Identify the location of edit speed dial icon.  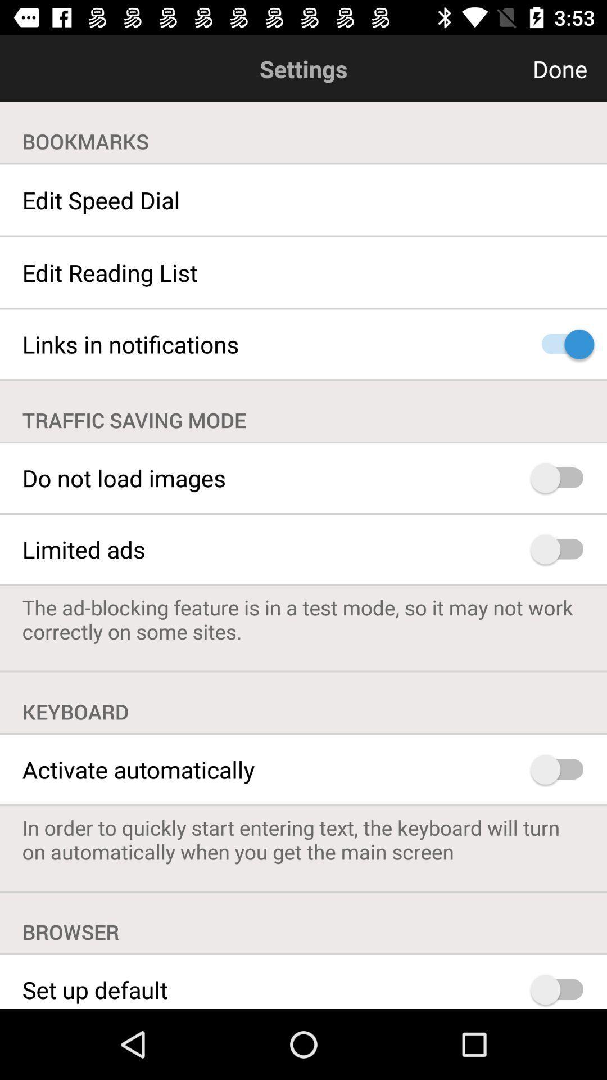
(303, 200).